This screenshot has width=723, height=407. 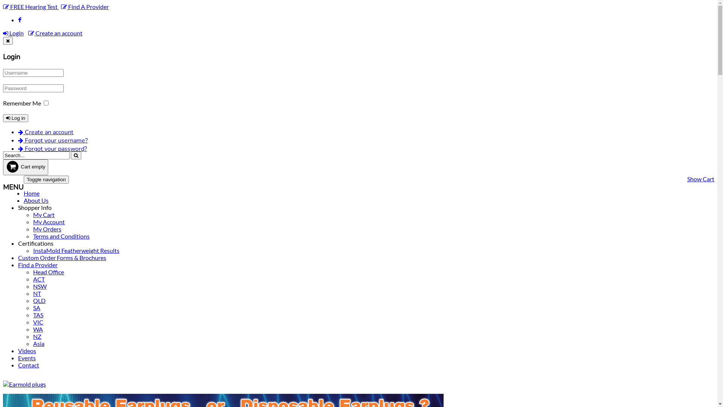 What do you see at coordinates (32, 343) in the screenshot?
I see `'Asia'` at bounding box center [32, 343].